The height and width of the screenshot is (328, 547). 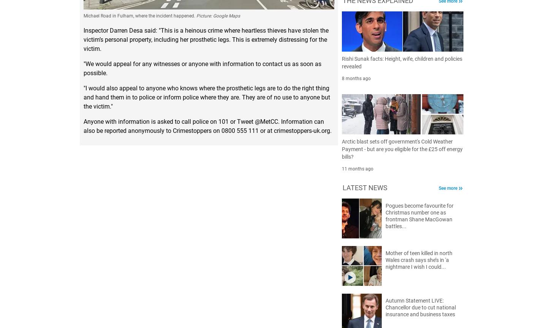 What do you see at coordinates (420, 306) in the screenshot?
I see `'Autumn Statement LIVE: Chancellor due to cut national insurance and business taxes'` at bounding box center [420, 306].